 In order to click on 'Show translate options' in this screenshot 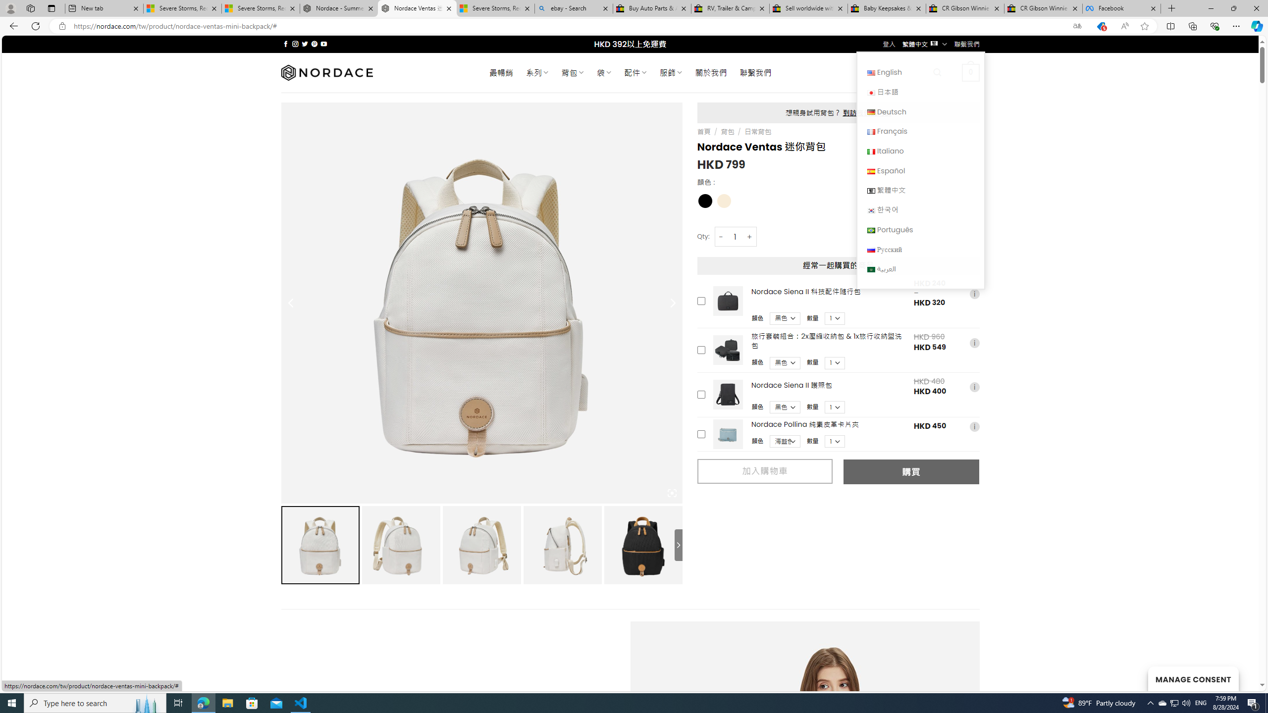, I will do `click(1076, 26)`.